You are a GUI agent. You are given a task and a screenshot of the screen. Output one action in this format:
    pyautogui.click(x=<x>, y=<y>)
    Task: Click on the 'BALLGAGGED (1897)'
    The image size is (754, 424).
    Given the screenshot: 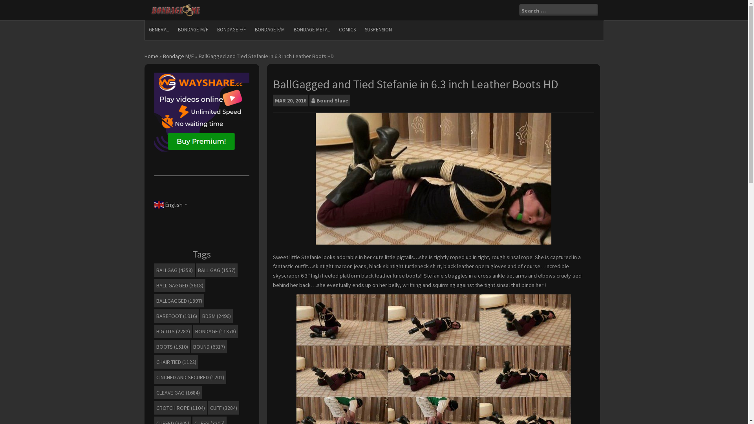 What is the action you would take?
    pyautogui.click(x=178, y=300)
    